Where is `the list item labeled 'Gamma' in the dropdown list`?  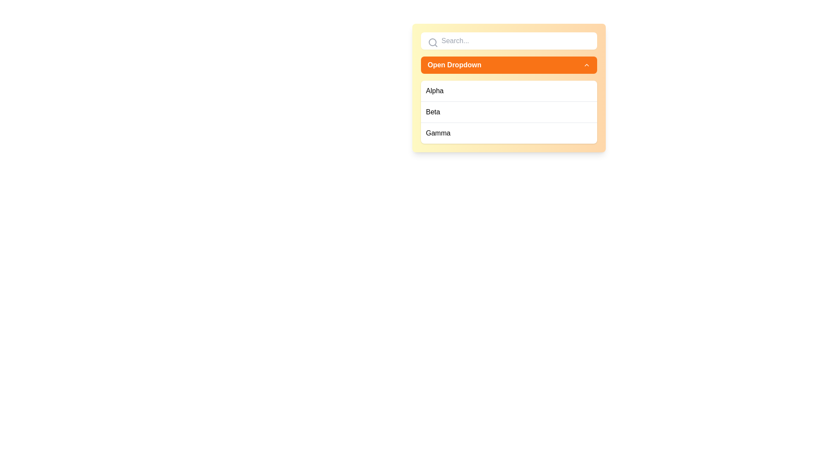
the list item labeled 'Gamma' in the dropdown list is located at coordinates (438, 133).